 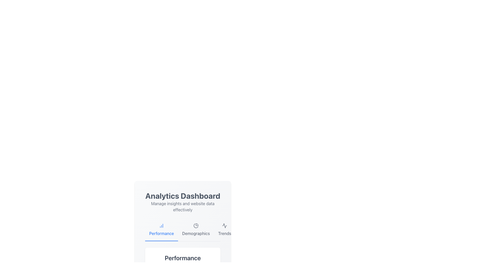 What do you see at coordinates (196, 225) in the screenshot?
I see `the pie chart icon in the 'Demographics' section of the navbar, located between the 'Performance' and 'Trends' icons` at bounding box center [196, 225].